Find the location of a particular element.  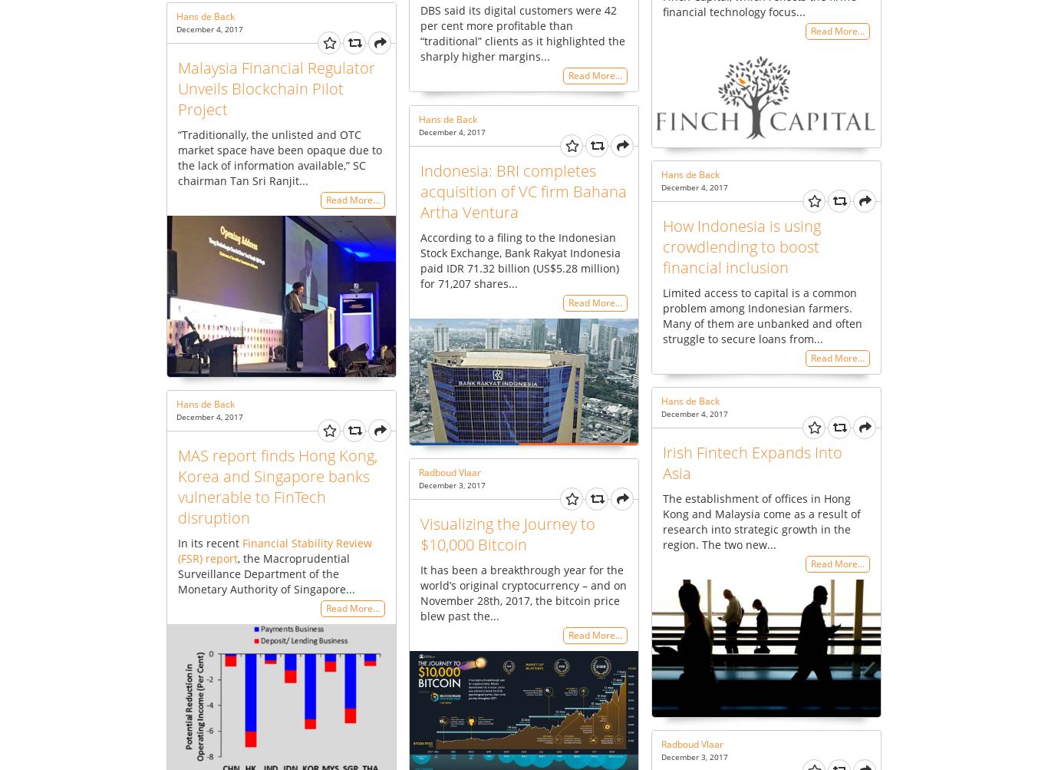

'Irish Fintech Expands Into Asia' is located at coordinates (753, 462).